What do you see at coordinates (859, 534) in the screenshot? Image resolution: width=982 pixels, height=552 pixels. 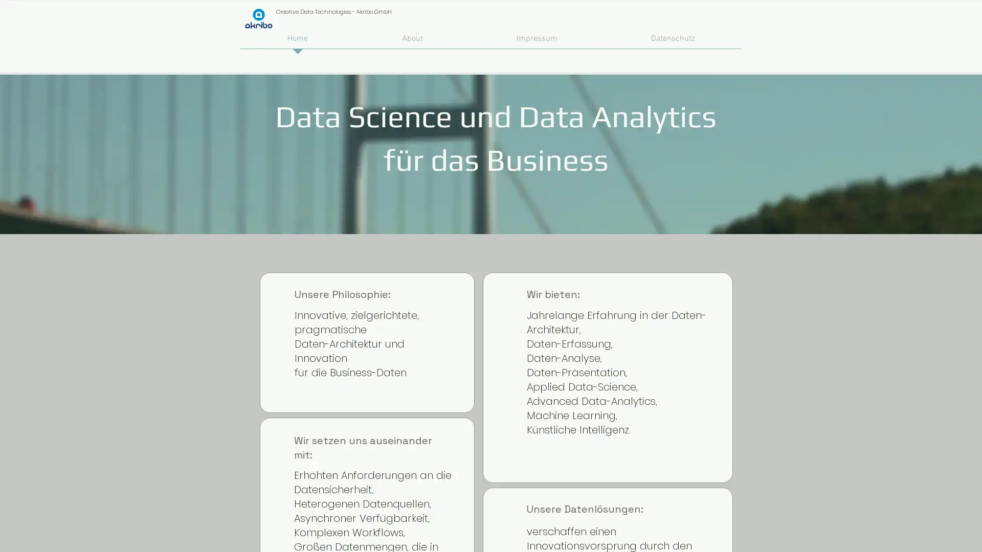 I see `Alle ablehnen` at bounding box center [859, 534].